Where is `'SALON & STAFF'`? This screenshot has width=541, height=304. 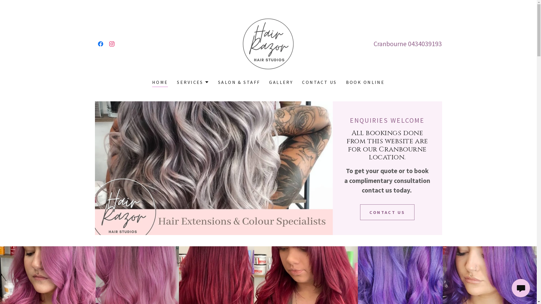 'SALON & STAFF' is located at coordinates (239, 82).